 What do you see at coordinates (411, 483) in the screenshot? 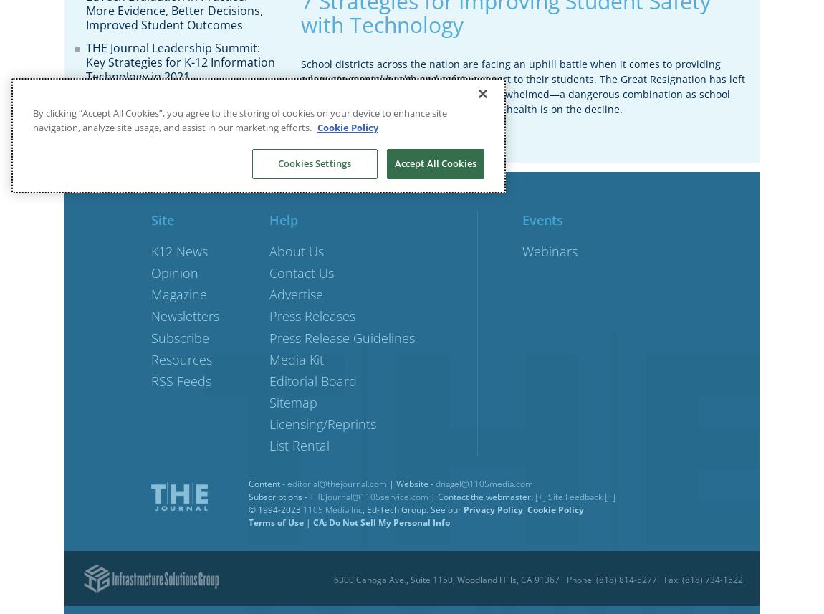
I see `'| Website -'` at bounding box center [411, 483].